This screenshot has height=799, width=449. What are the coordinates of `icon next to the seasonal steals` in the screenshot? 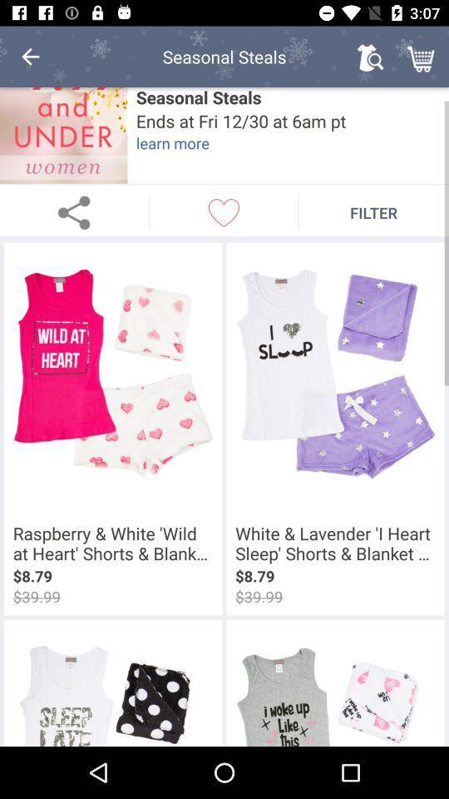 It's located at (30, 57).